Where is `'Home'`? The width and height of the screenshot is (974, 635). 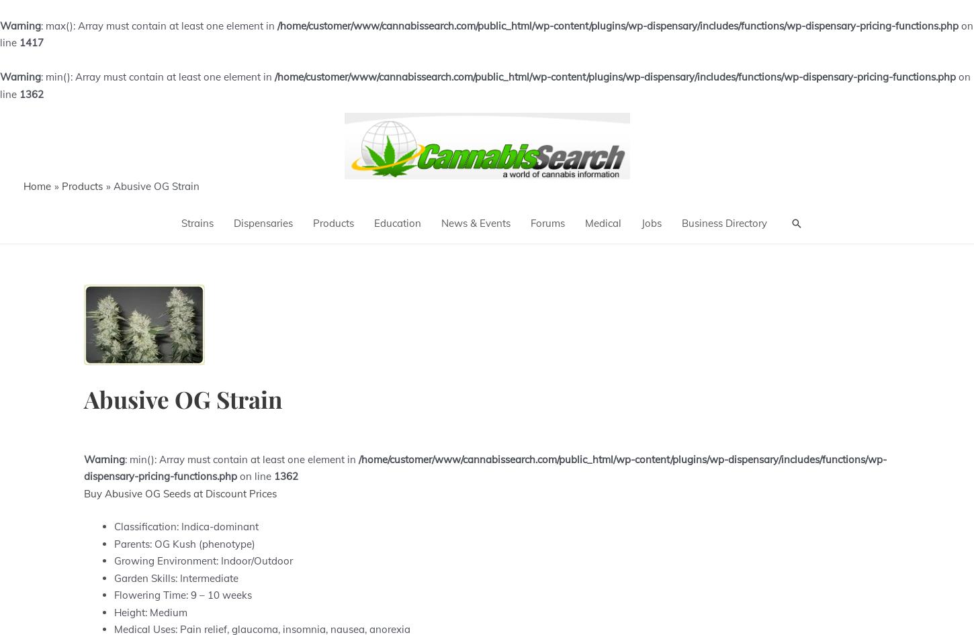
'Home' is located at coordinates (23, 185).